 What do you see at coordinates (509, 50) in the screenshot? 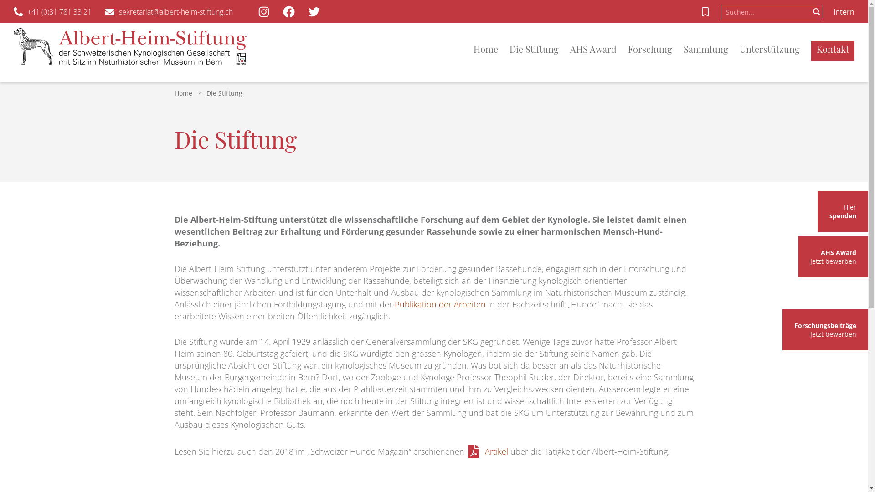
I see `'Die Stiftung'` at bounding box center [509, 50].